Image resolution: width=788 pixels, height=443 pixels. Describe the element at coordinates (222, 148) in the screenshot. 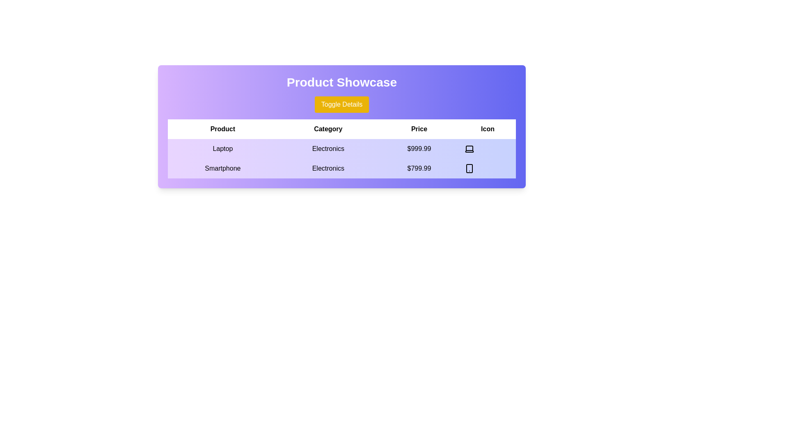

I see `the text label reading 'Laptop', which is styled with a black sans-serif font and located within a purple gradient background row` at that location.